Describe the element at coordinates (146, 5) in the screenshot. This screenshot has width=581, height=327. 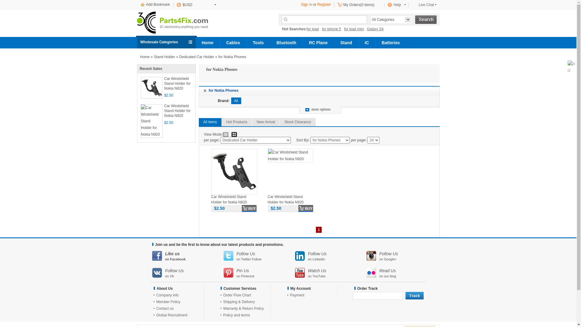
I see `'Add Bookmark'` at that location.